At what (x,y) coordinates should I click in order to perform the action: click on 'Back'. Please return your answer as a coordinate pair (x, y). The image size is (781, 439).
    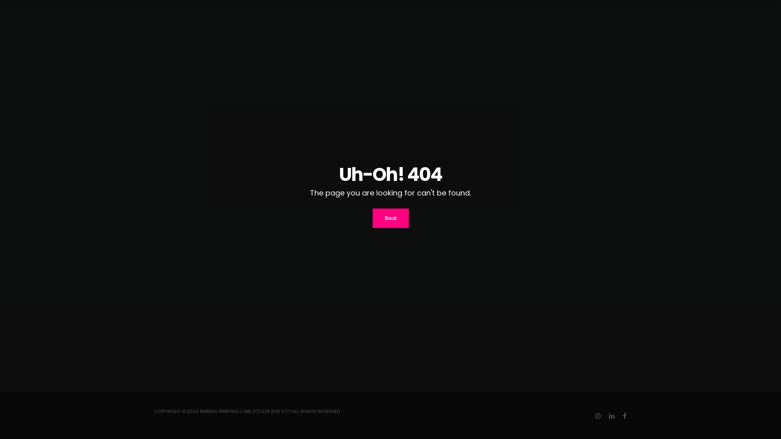
    Looking at the image, I should click on (372, 217).